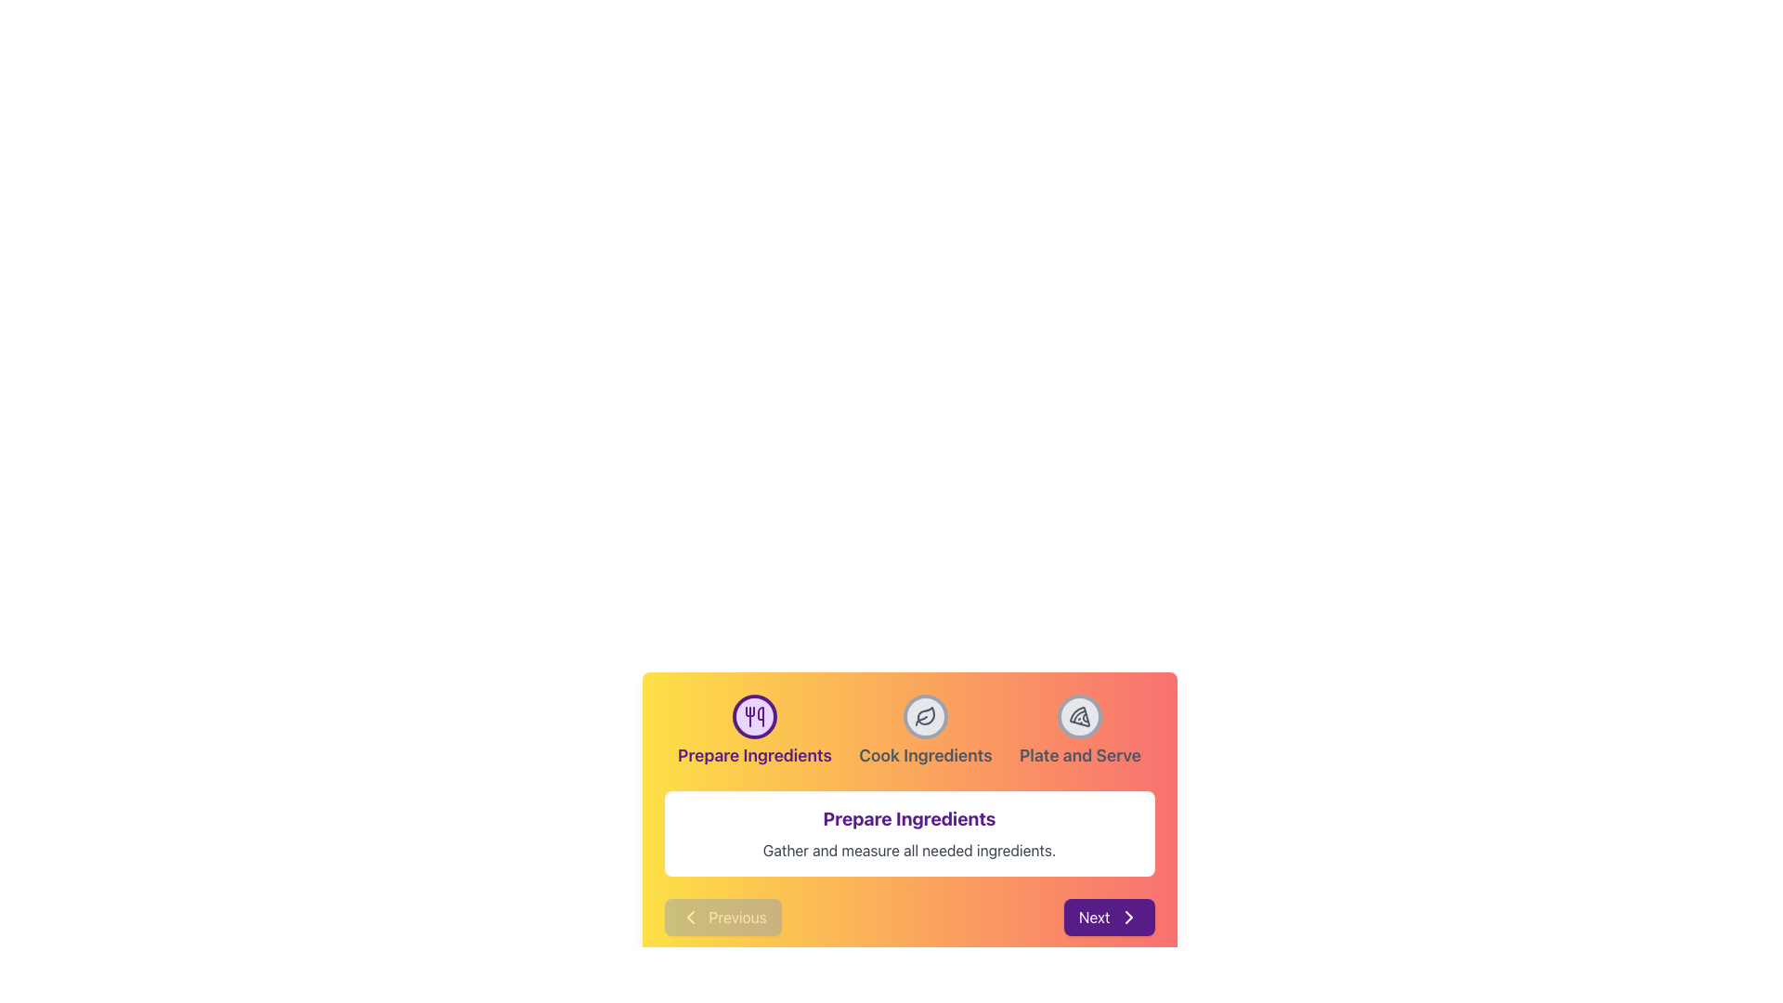 Image resolution: width=1783 pixels, height=1003 pixels. I want to click on the 'Cook Ingredients' Icon Button, which is the middle icon in a row of three icons at the top of a colored panel, so click(925, 715).